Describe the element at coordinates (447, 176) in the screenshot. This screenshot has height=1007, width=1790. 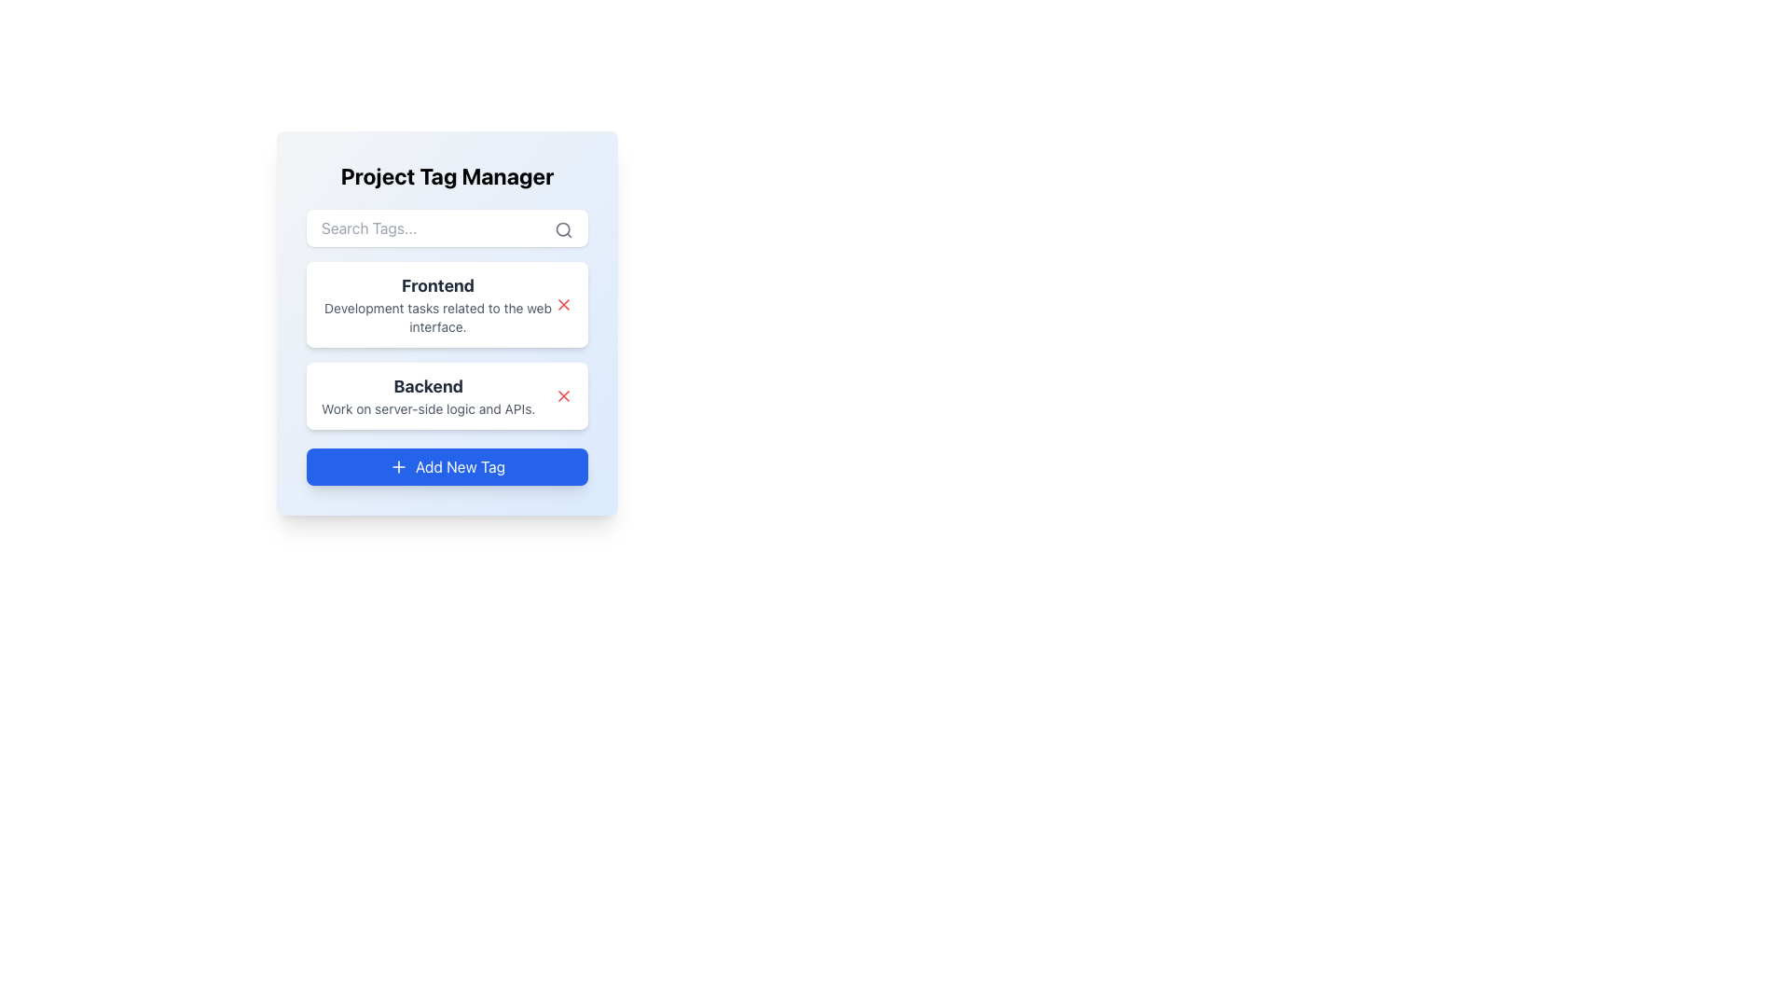
I see `bold, large-sized header displaying 'Project Tag Manager' at the top of its module` at that location.